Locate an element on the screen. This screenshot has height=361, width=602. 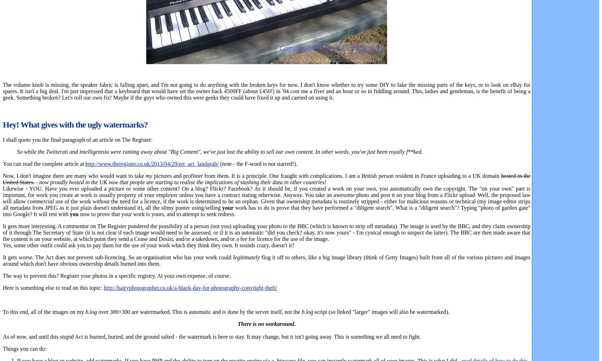
'flog it off to others, like a big image library (think of Getty Images) built from all of the various pictures and images around which don't have obvious ownership details burned into them.' is located at coordinates (2, 260).